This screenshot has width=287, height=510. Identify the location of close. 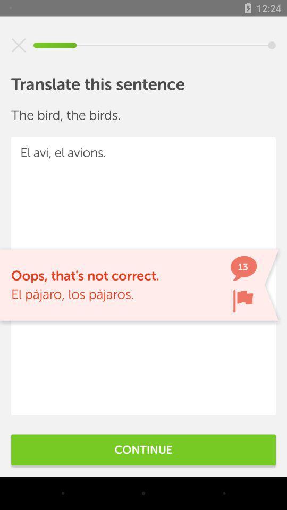
(19, 45).